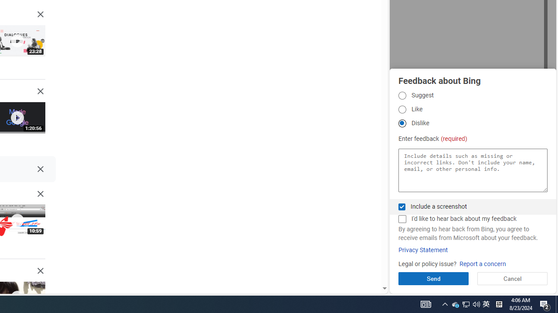 Image resolution: width=558 pixels, height=313 pixels. What do you see at coordinates (401, 109) in the screenshot?
I see `'Like Like'` at bounding box center [401, 109].